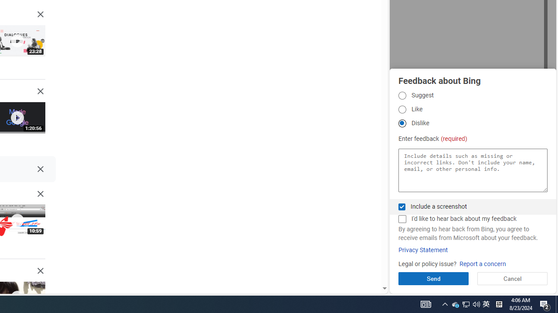 Image resolution: width=558 pixels, height=313 pixels. What do you see at coordinates (401, 109) in the screenshot?
I see `'Like Like'` at bounding box center [401, 109].